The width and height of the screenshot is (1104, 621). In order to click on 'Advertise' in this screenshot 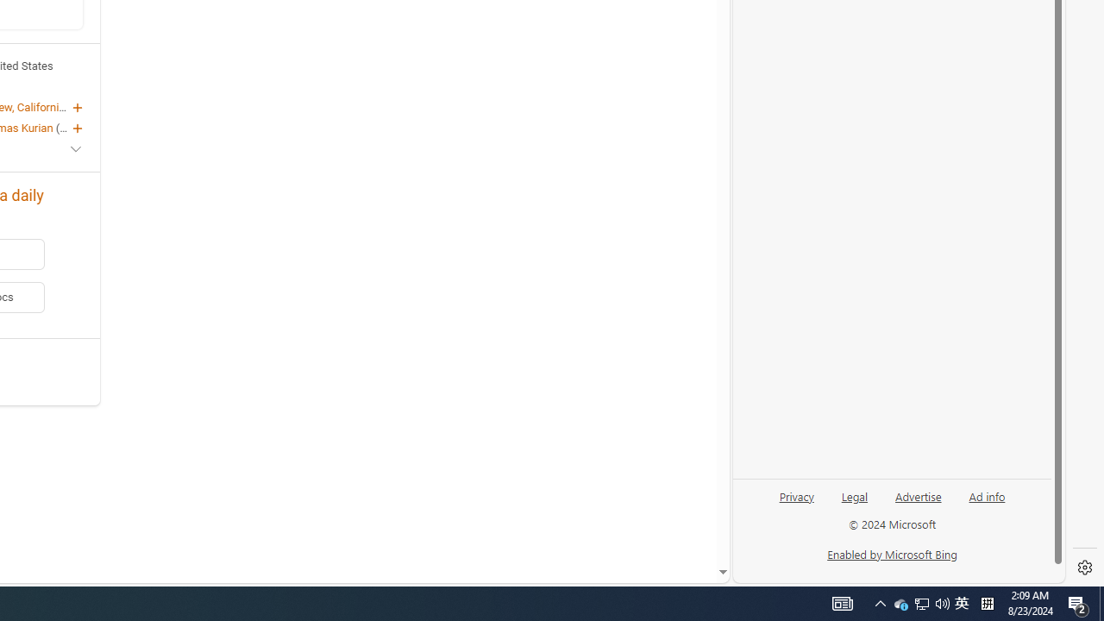, I will do `click(917, 503)`.